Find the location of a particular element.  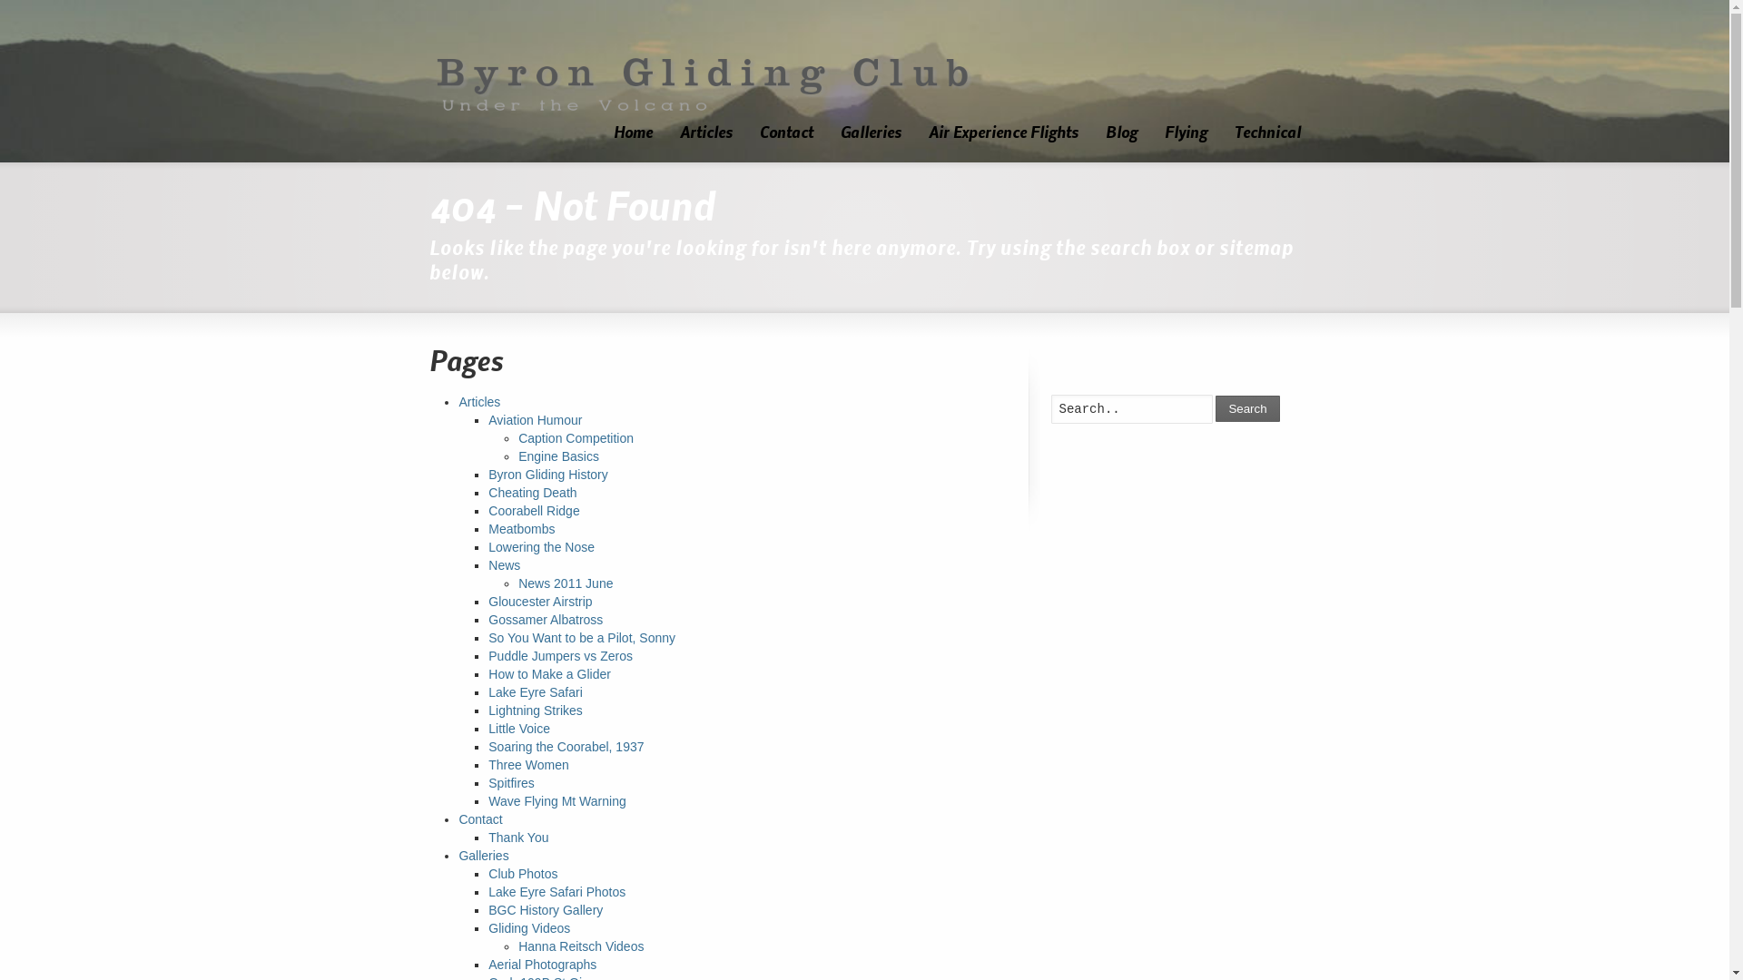

'Thank You' is located at coordinates (517, 837).